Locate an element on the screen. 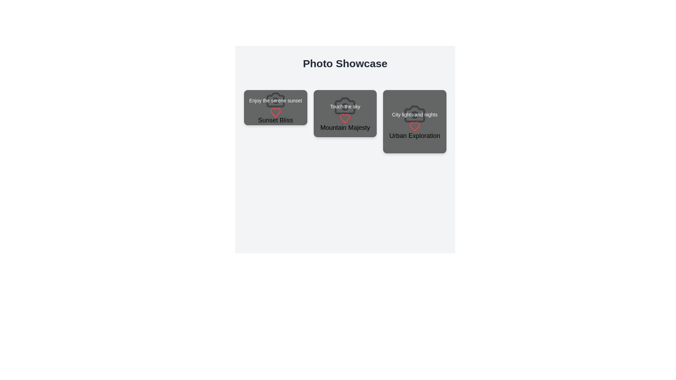 The width and height of the screenshot is (676, 380). the heart icon located at the bottom of the 'Sunset Bliss' card, which features a red stroke and a round cap and join pattern is located at coordinates (275, 112).